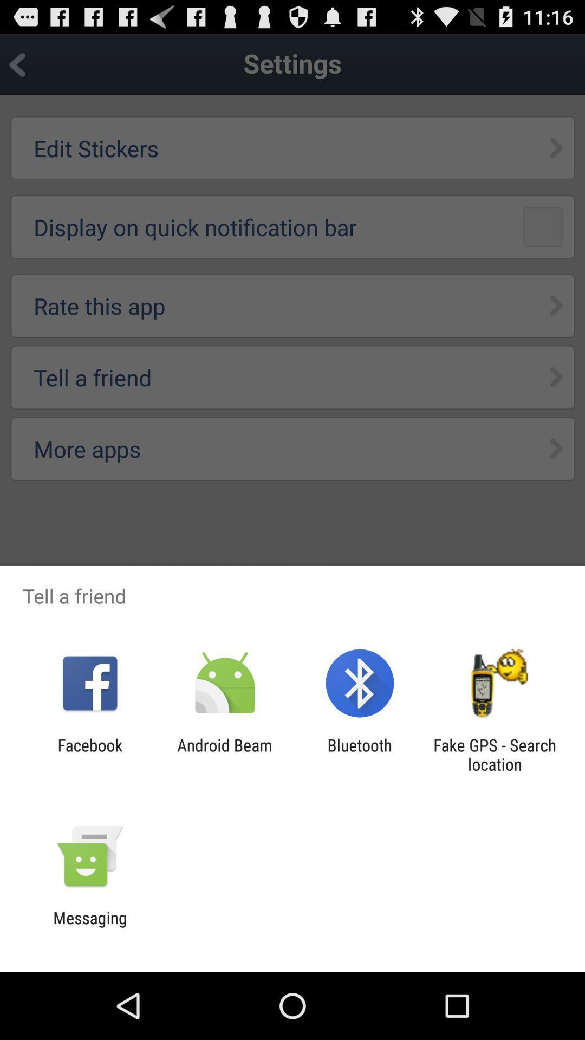 The width and height of the screenshot is (585, 1040). What do you see at coordinates (495, 754) in the screenshot?
I see `app next to bluetooth` at bounding box center [495, 754].